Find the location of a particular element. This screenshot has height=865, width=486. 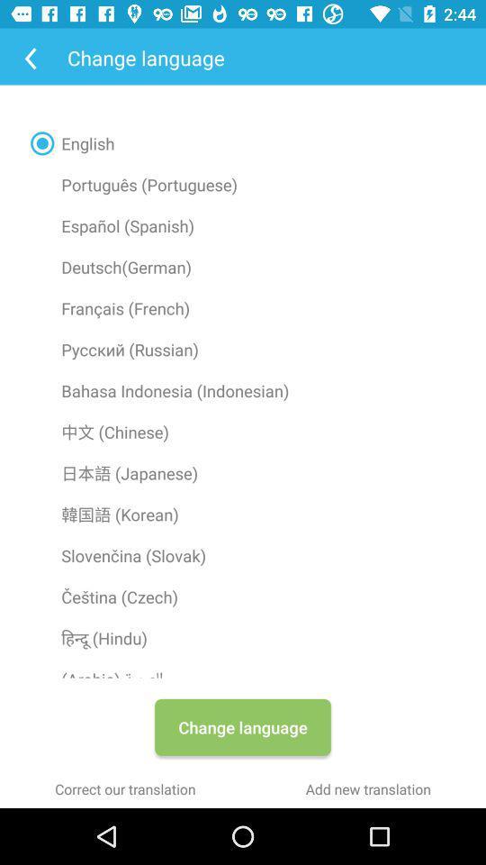

bahasa indonesia (indonesian) item is located at coordinates (243, 390).